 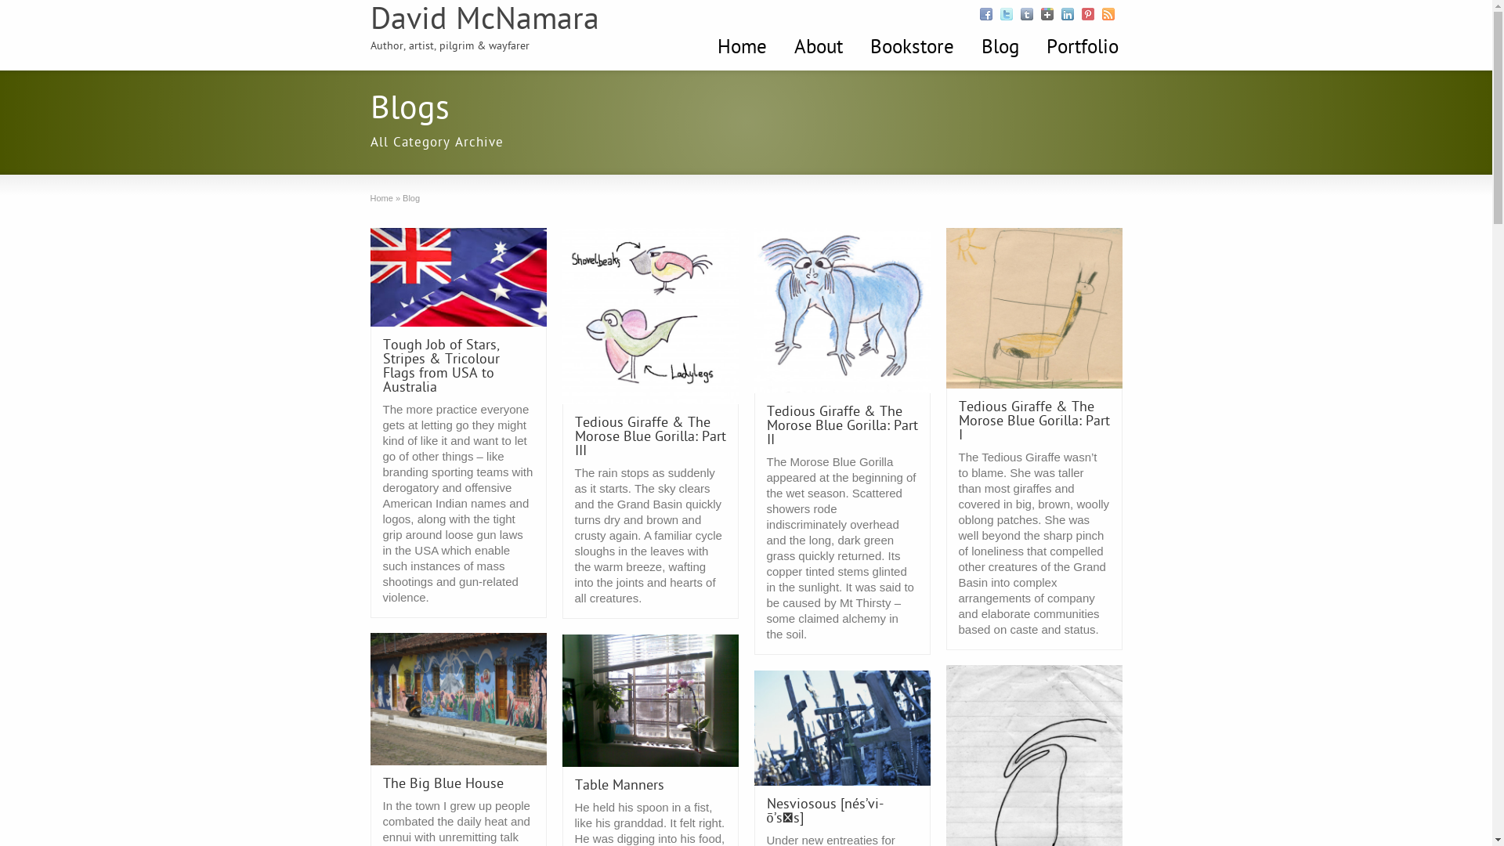 I want to click on 'Follow Me Linkedin', so click(x=1066, y=14).